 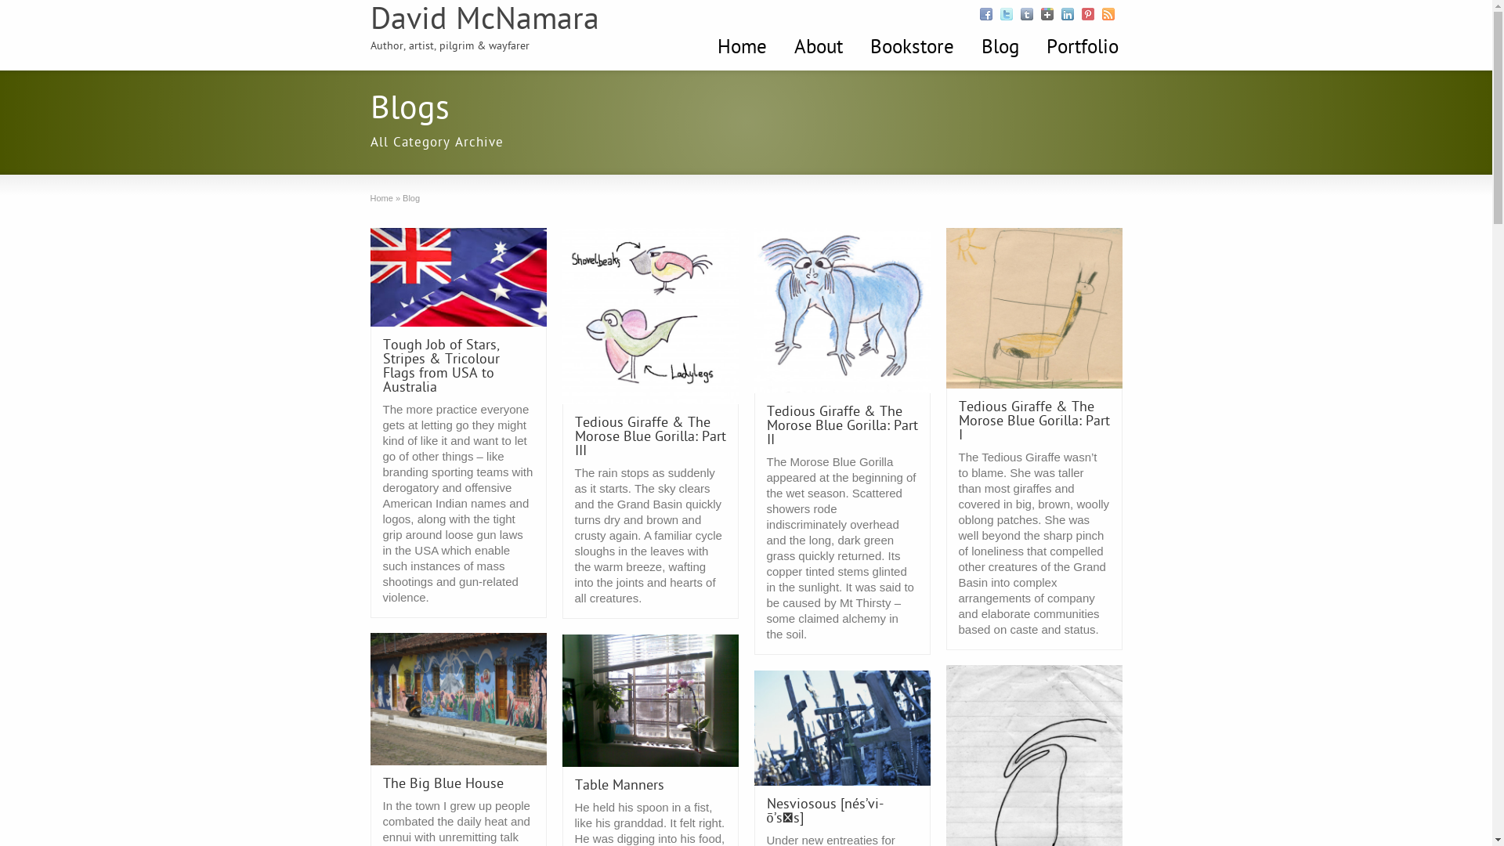 I want to click on 'Follow Me Linkedin', so click(x=1066, y=14).